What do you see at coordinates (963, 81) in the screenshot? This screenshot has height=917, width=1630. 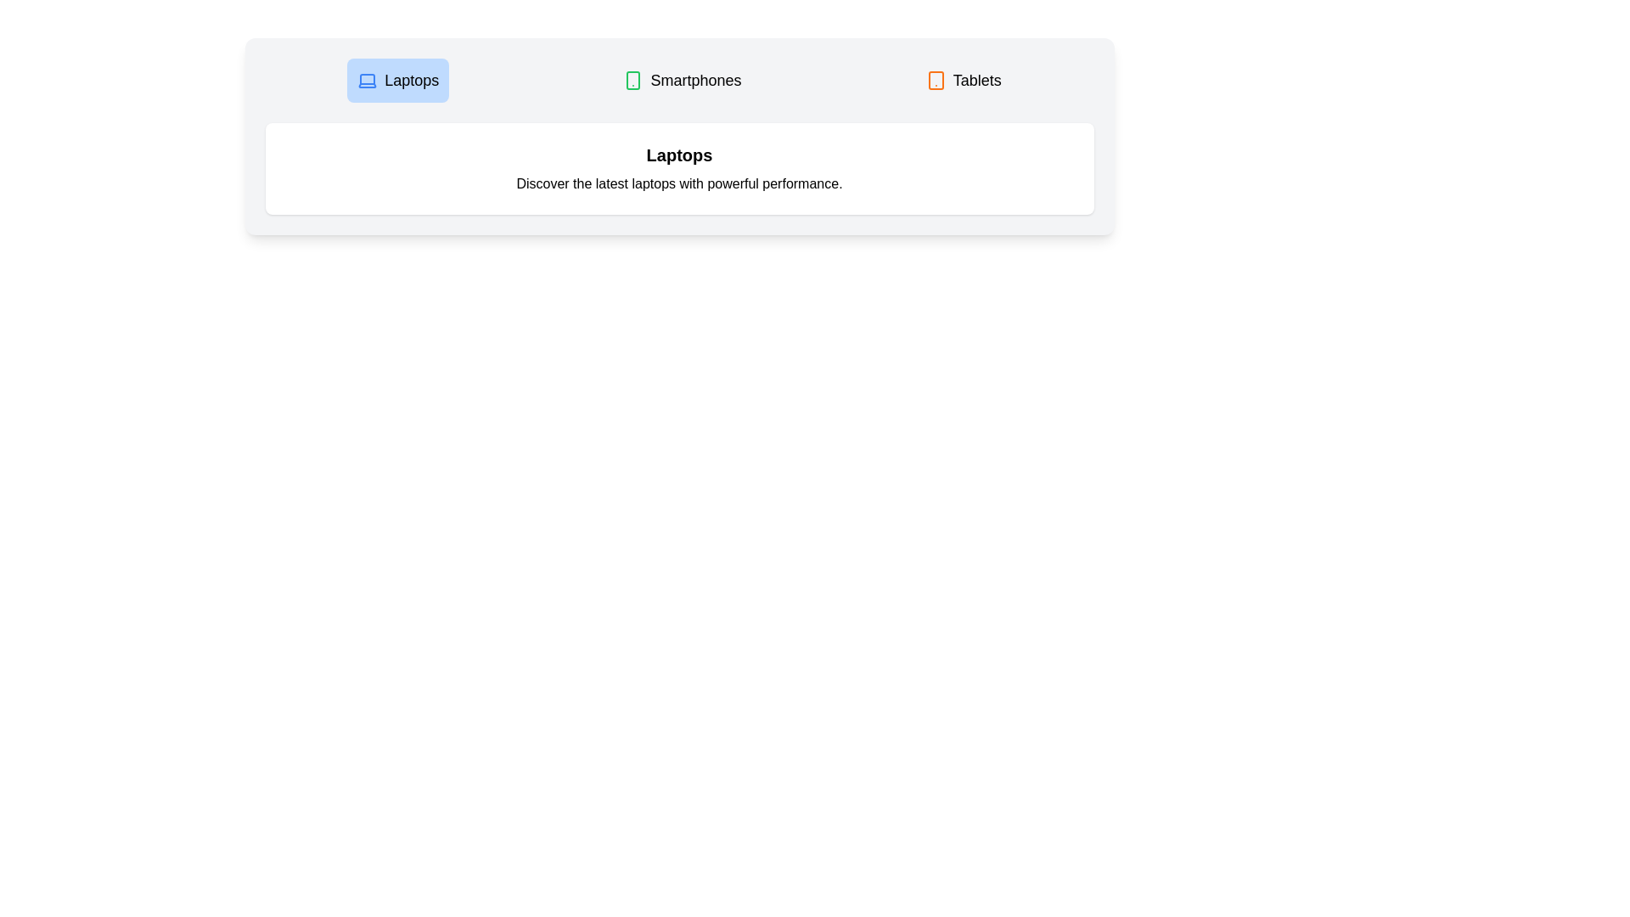 I see `the button labeled Tablets to observe its visual feedback` at bounding box center [963, 81].